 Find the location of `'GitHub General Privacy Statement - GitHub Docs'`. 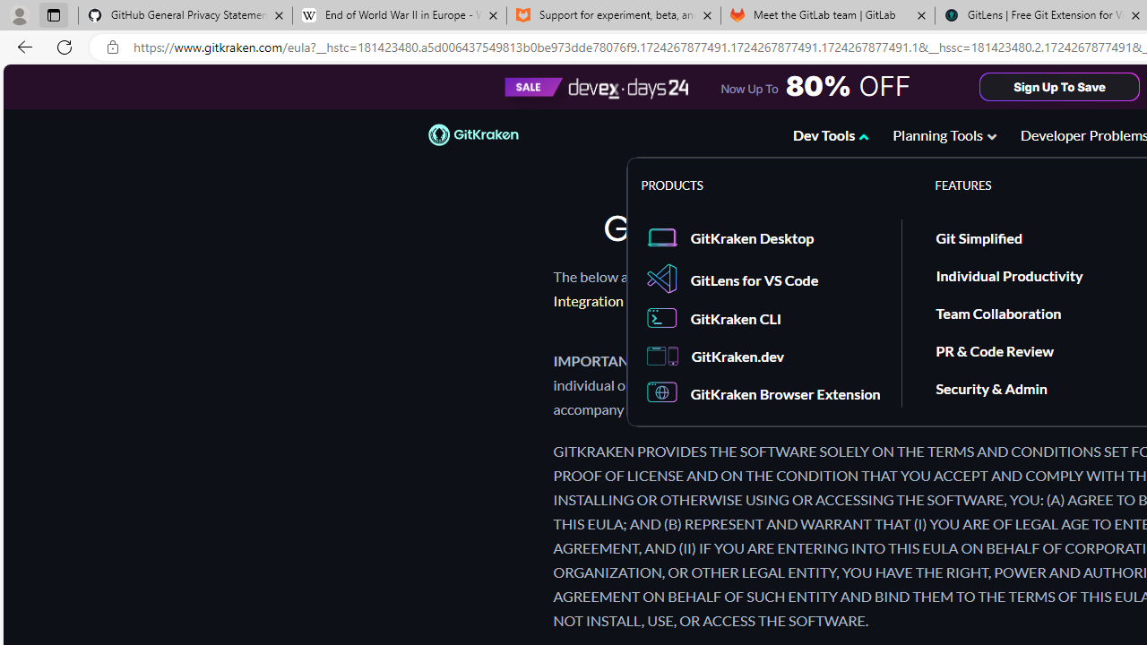

'GitHub General Privacy Statement - GitHub Docs' is located at coordinates (185, 15).